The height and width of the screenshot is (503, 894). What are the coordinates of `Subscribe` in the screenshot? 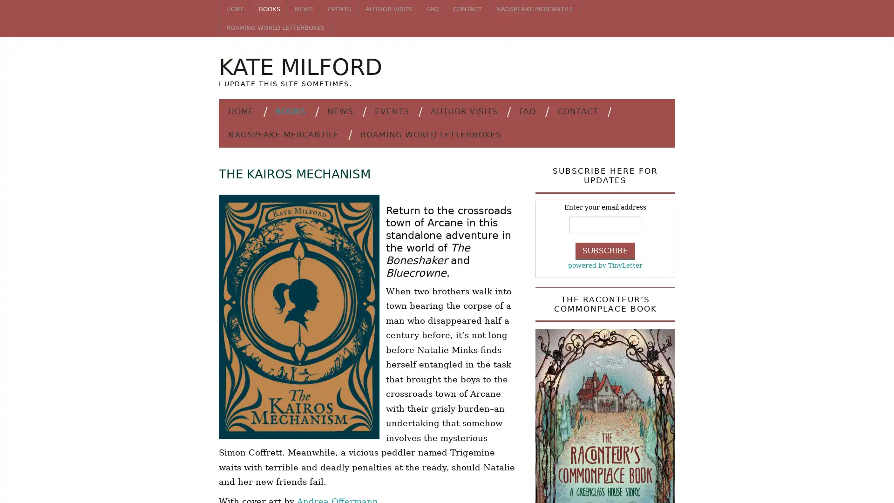 It's located at (605, 250).